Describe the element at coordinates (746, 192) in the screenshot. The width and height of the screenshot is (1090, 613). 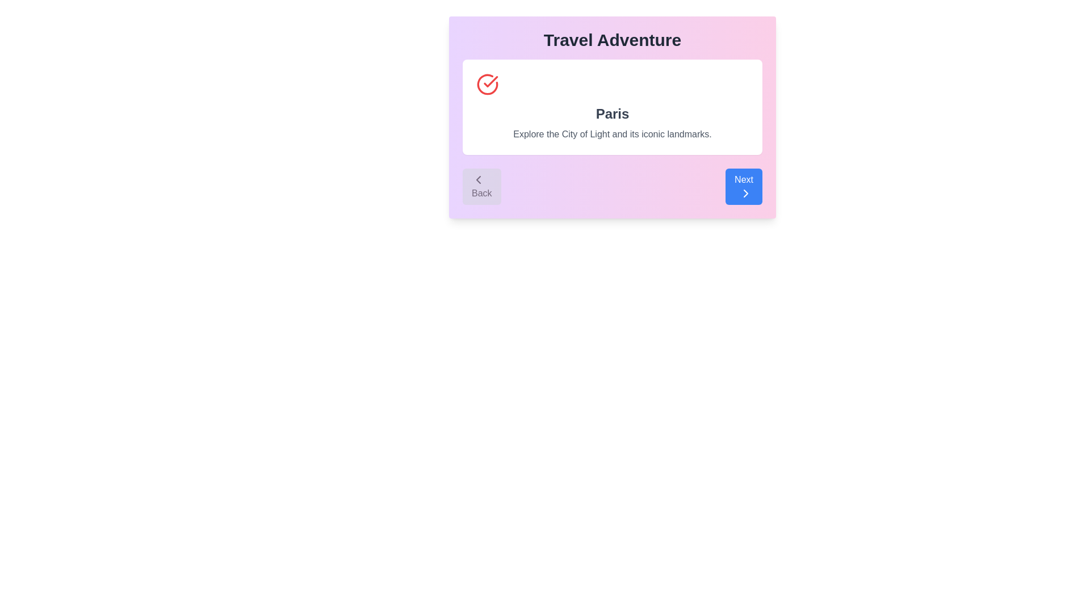
I see `the rightward-pointing chevron icon located within the 'Next' button at the bottom-right corner of the card interface` at that location.